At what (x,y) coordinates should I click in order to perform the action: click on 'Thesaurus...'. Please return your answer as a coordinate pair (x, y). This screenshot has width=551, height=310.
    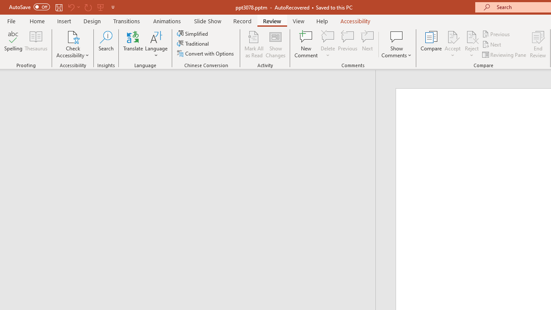
    Looking at the image, I should click on (35, 44).